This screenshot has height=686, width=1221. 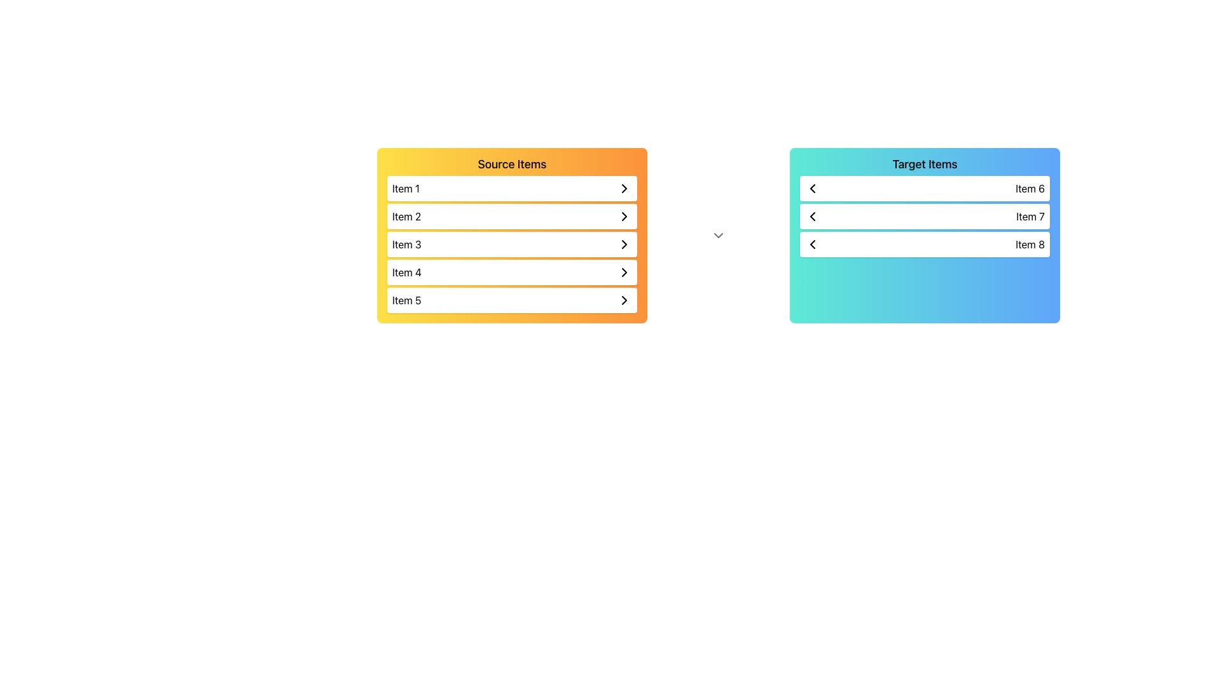 I want to click on the second item in the 'Source Items' list, which is located directly below 'Item 1' and above 'Item 3', so click(x=512, y=215).